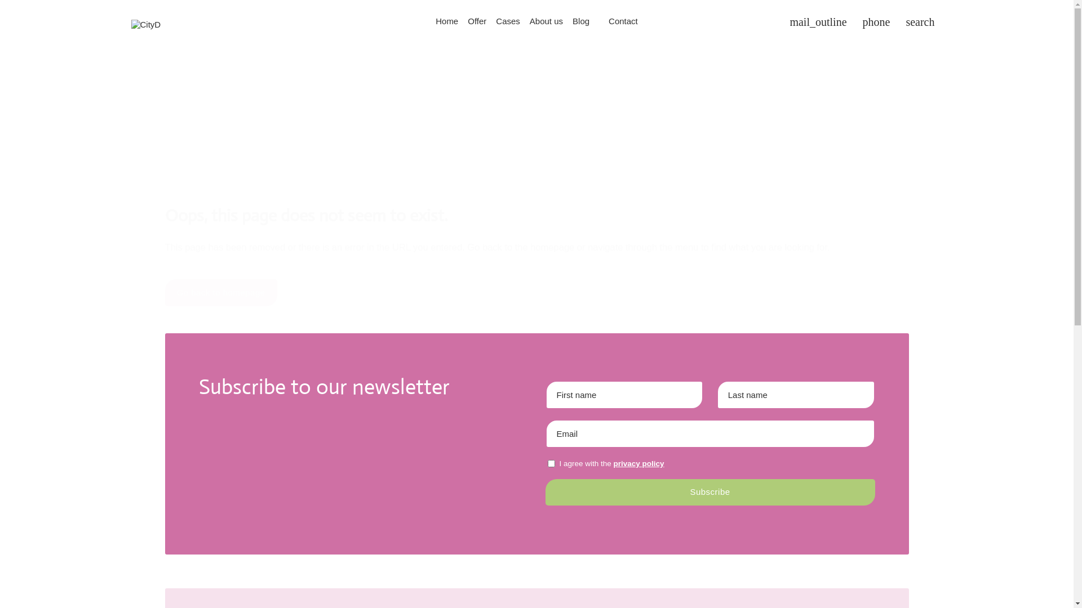 This screenshot has width=1082, height=608. Describe the element at coordinates (546, 21) in the screenshot. I see `'About us'` at that location.